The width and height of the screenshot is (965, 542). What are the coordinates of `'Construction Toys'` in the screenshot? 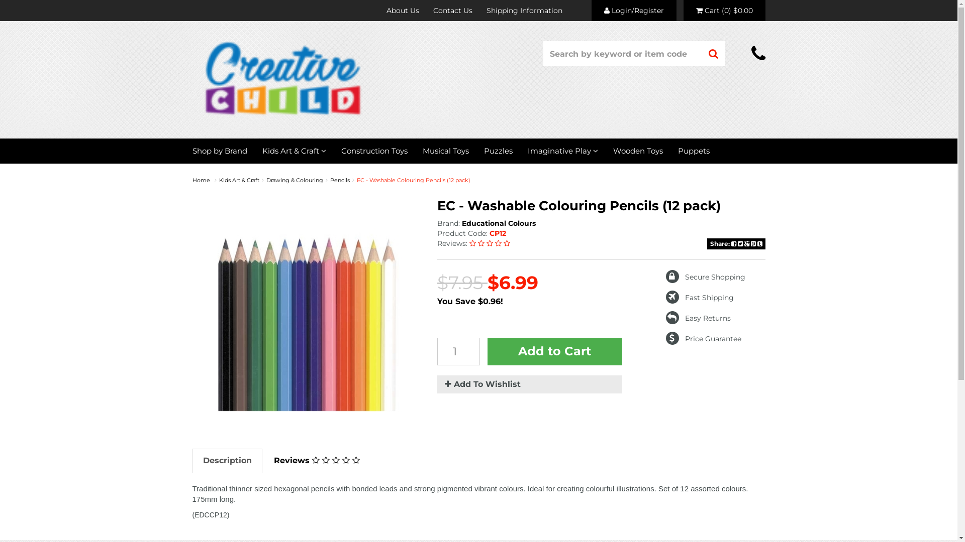 It's located at (373, 151).